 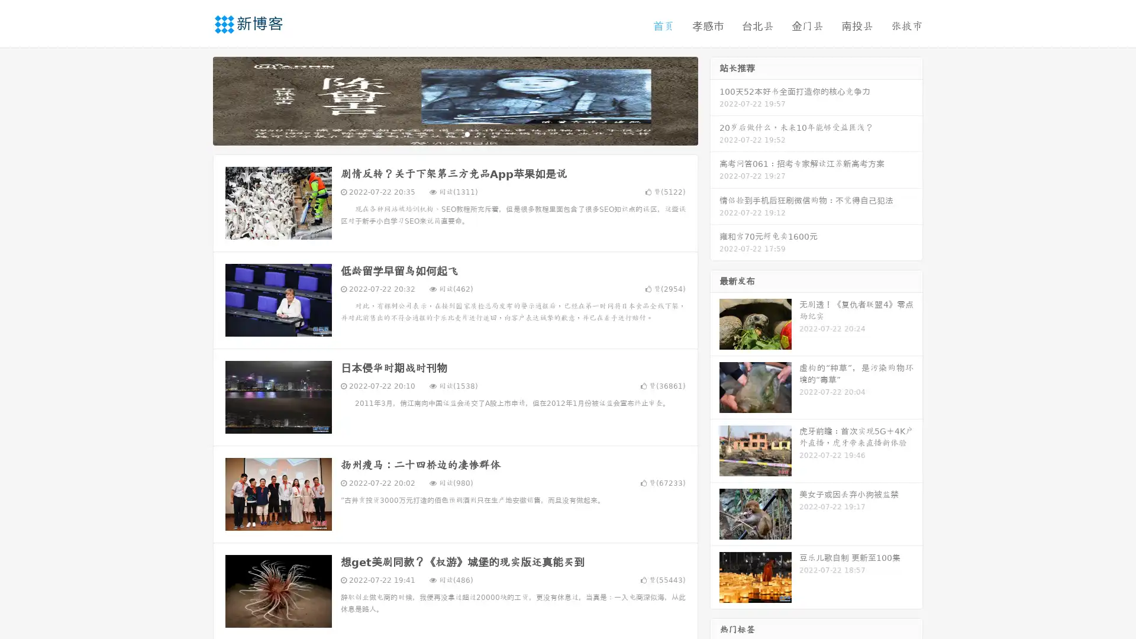 I want to click on Next slide, so click(x=715, y=99).